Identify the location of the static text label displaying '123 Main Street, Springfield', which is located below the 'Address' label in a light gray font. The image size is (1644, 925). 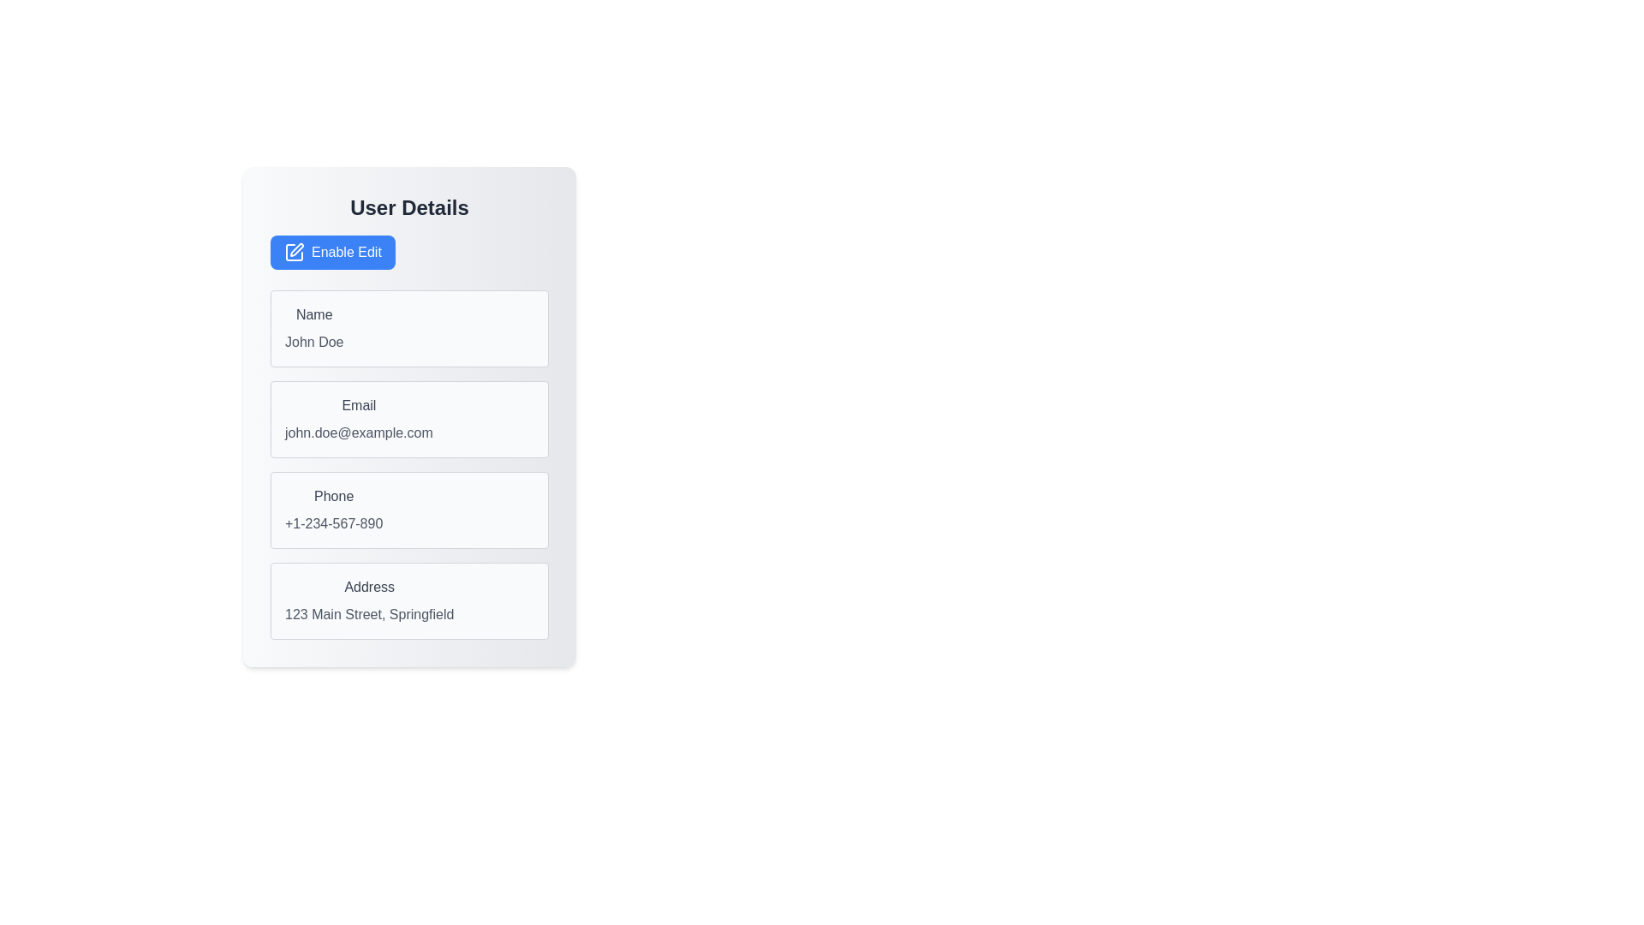
(368, 613).